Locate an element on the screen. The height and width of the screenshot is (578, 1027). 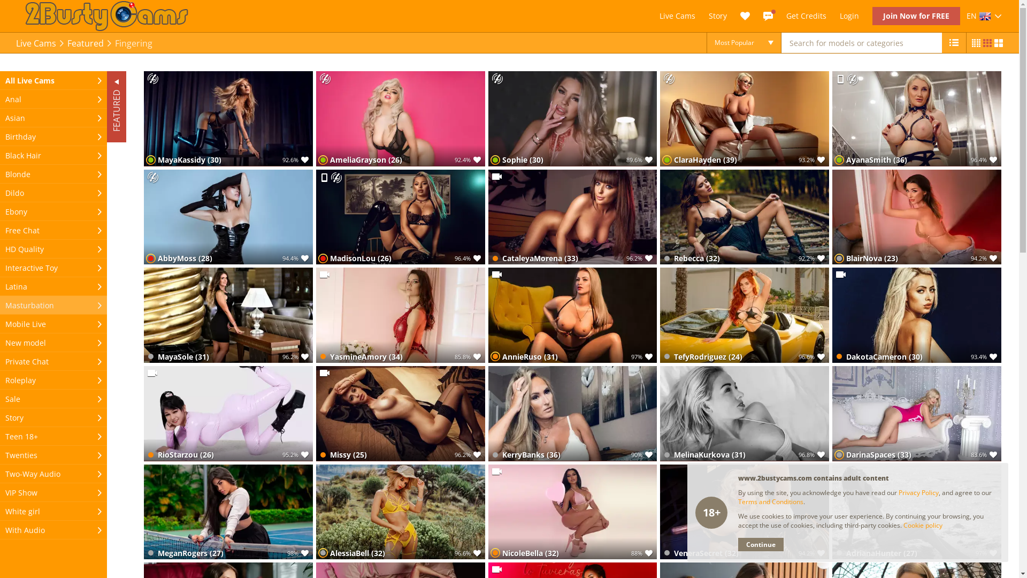
'Join Now for FREE' is located at coordinates (872, 16).